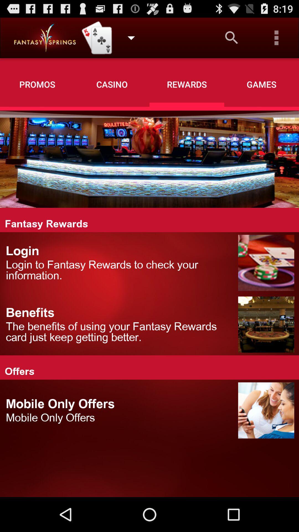 Image resolution: width=299 pixels, height=532 pixels. Describe the element at coordinates (277, 37) in the screenshot. I see `options` at that location.